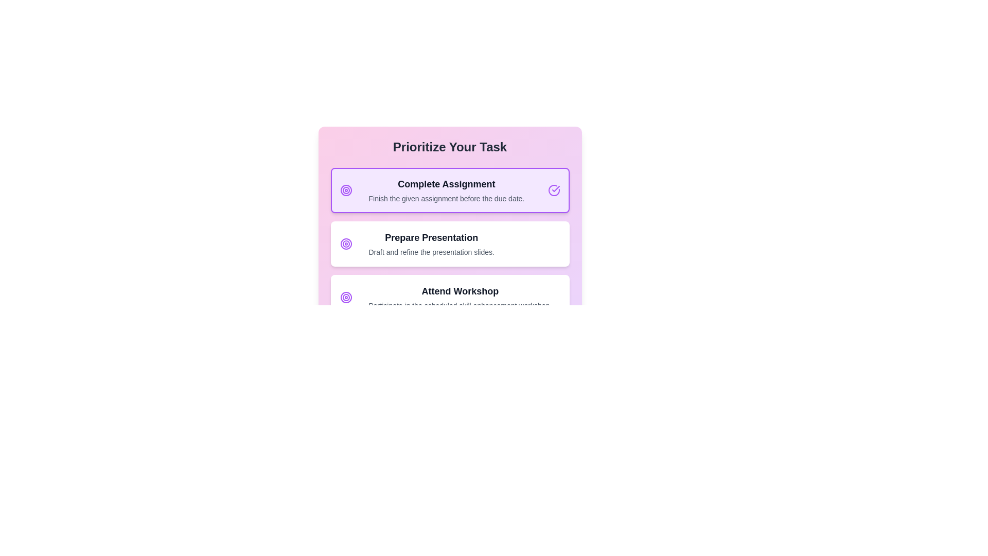 The height and width of the screenshot is (556, 988). What do you see at coordinates (446, 198) in the screenshot?
I see `the text label providing guidance related to the assignment task, positioned below the title 'Complete Assignment' in the section titled 'Prioritize Your Task'` at bounding box center [446, 198].